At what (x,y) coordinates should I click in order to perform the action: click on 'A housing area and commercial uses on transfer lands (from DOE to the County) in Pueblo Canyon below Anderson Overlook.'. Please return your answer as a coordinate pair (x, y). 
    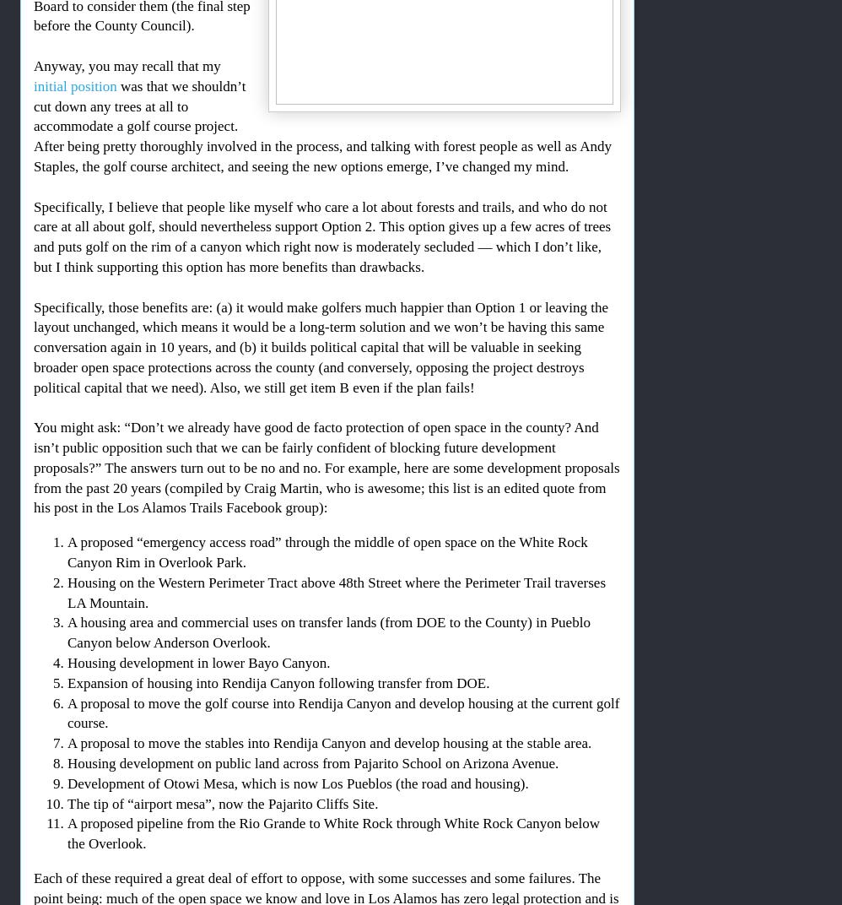
    Looking at the image, I should click on (67, 632).